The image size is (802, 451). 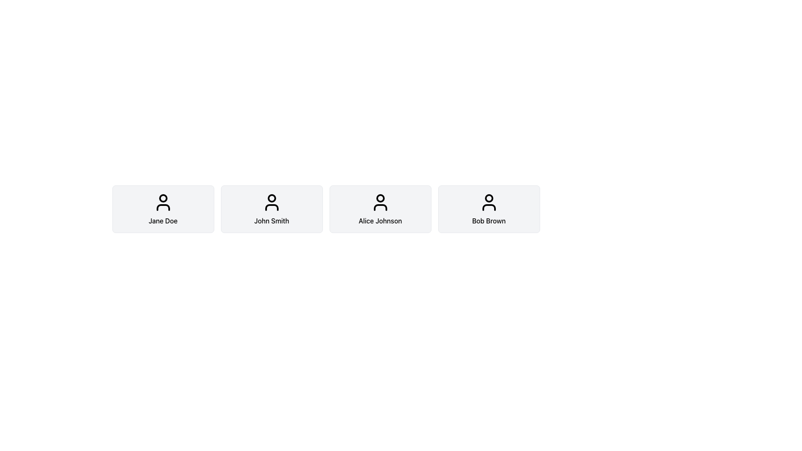 What do you see at coordinates (489, 205) in the screenshot?
I see `the user profile card labeled 'Bob Brown', which is the last element in a row of similar cards` at bounding box center [489, 205].